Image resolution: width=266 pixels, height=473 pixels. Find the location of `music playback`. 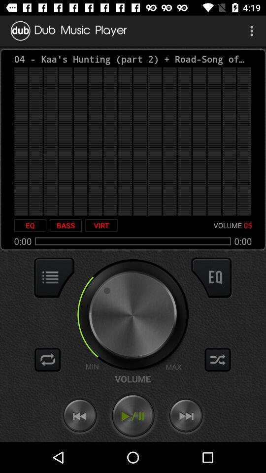

music playback is located at coordinates (133, 415).